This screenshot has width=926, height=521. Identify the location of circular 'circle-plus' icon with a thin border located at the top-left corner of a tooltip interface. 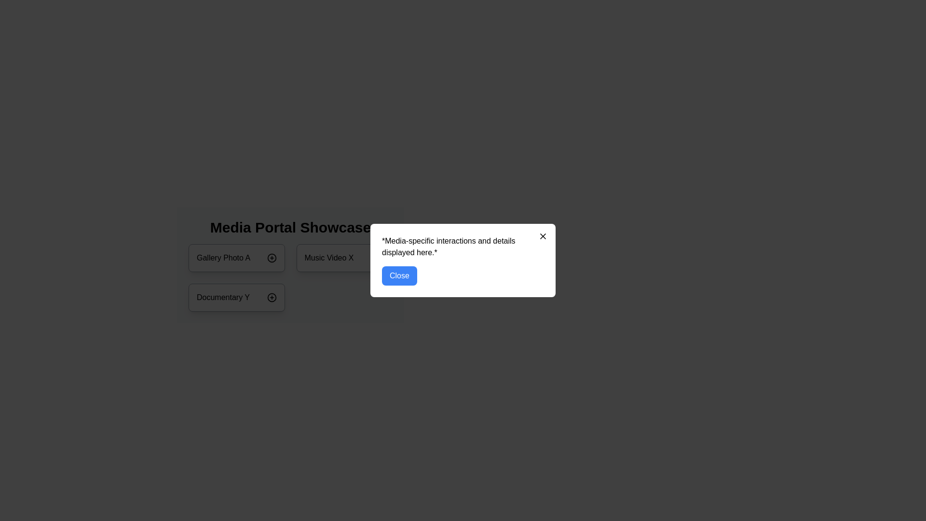
(379, 258).